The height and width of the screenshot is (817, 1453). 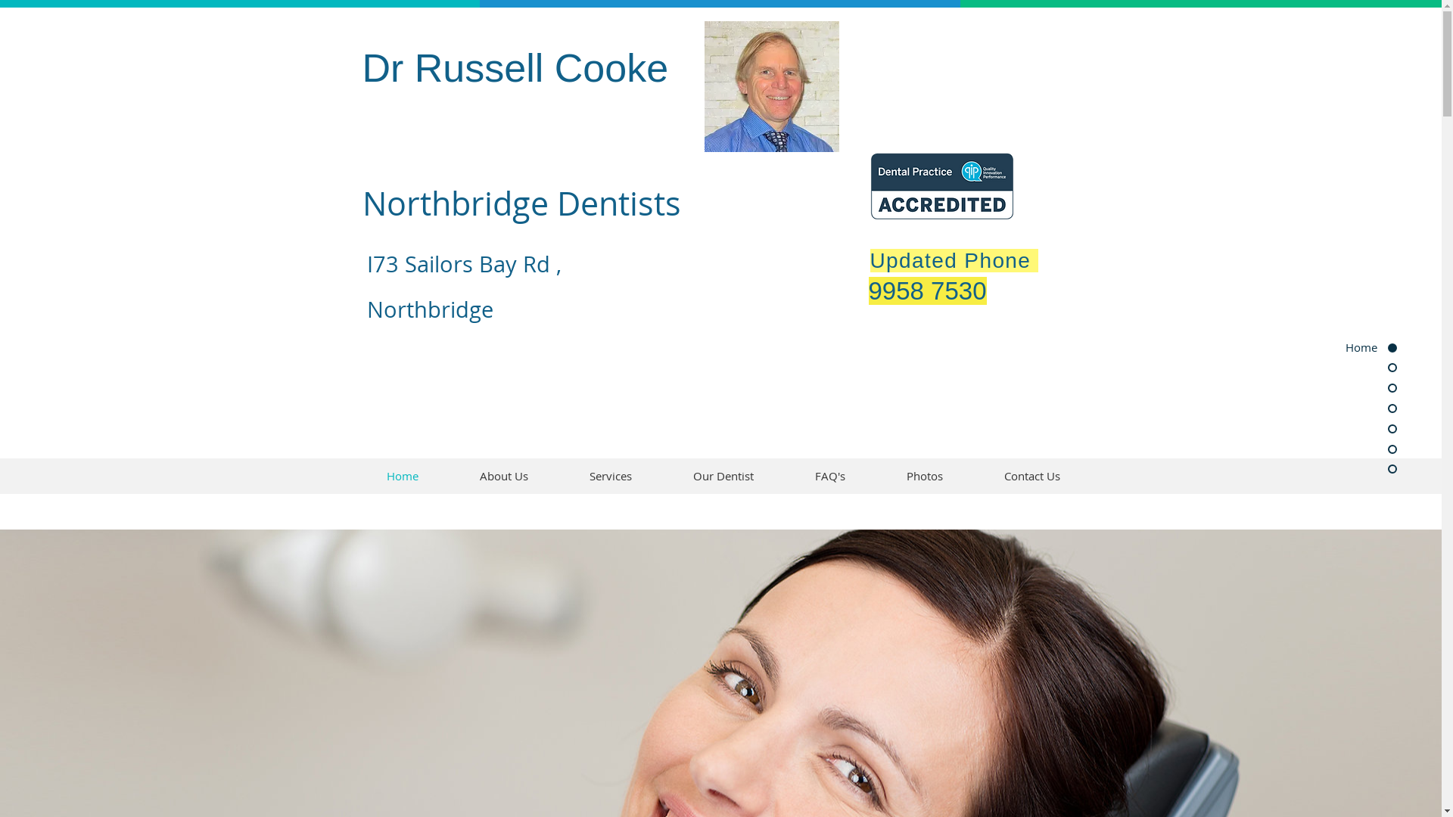 What do you see at coordinates (973, 475) in the screenshot?
I see `'Contact Us'` at bounding box center [973, 475].